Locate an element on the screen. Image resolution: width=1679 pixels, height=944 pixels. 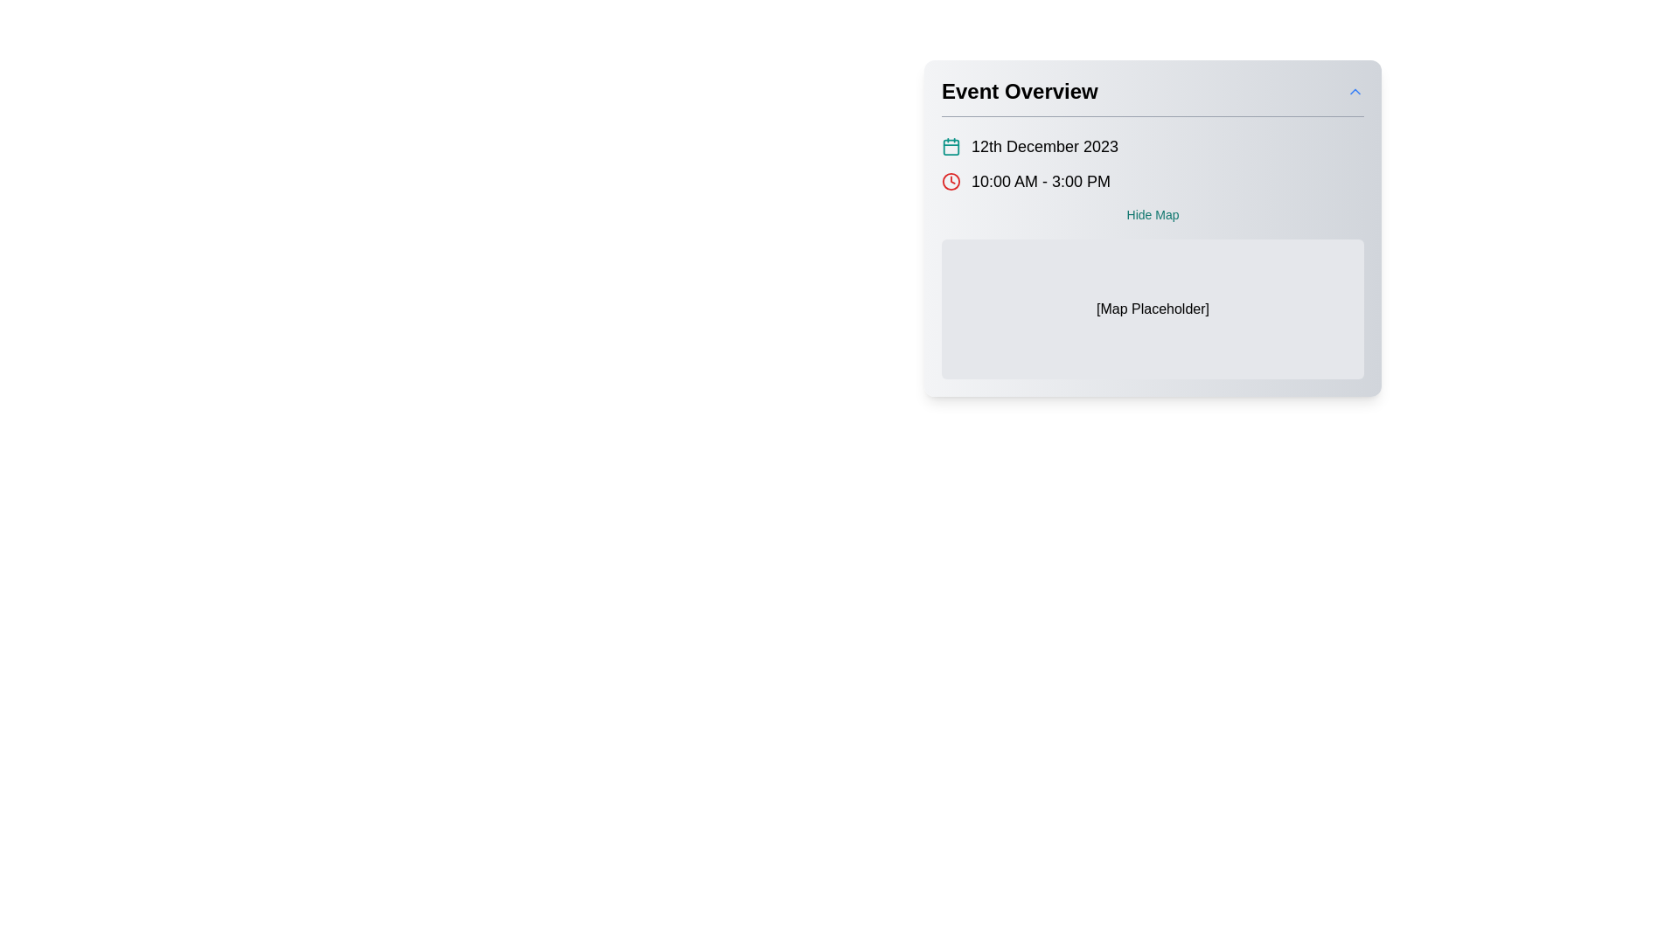
the text label indicating the specific date of the event located in the top section of the event detail card, positioned immediately to the right of the calendar icon is located at coordinates (1045, 146).